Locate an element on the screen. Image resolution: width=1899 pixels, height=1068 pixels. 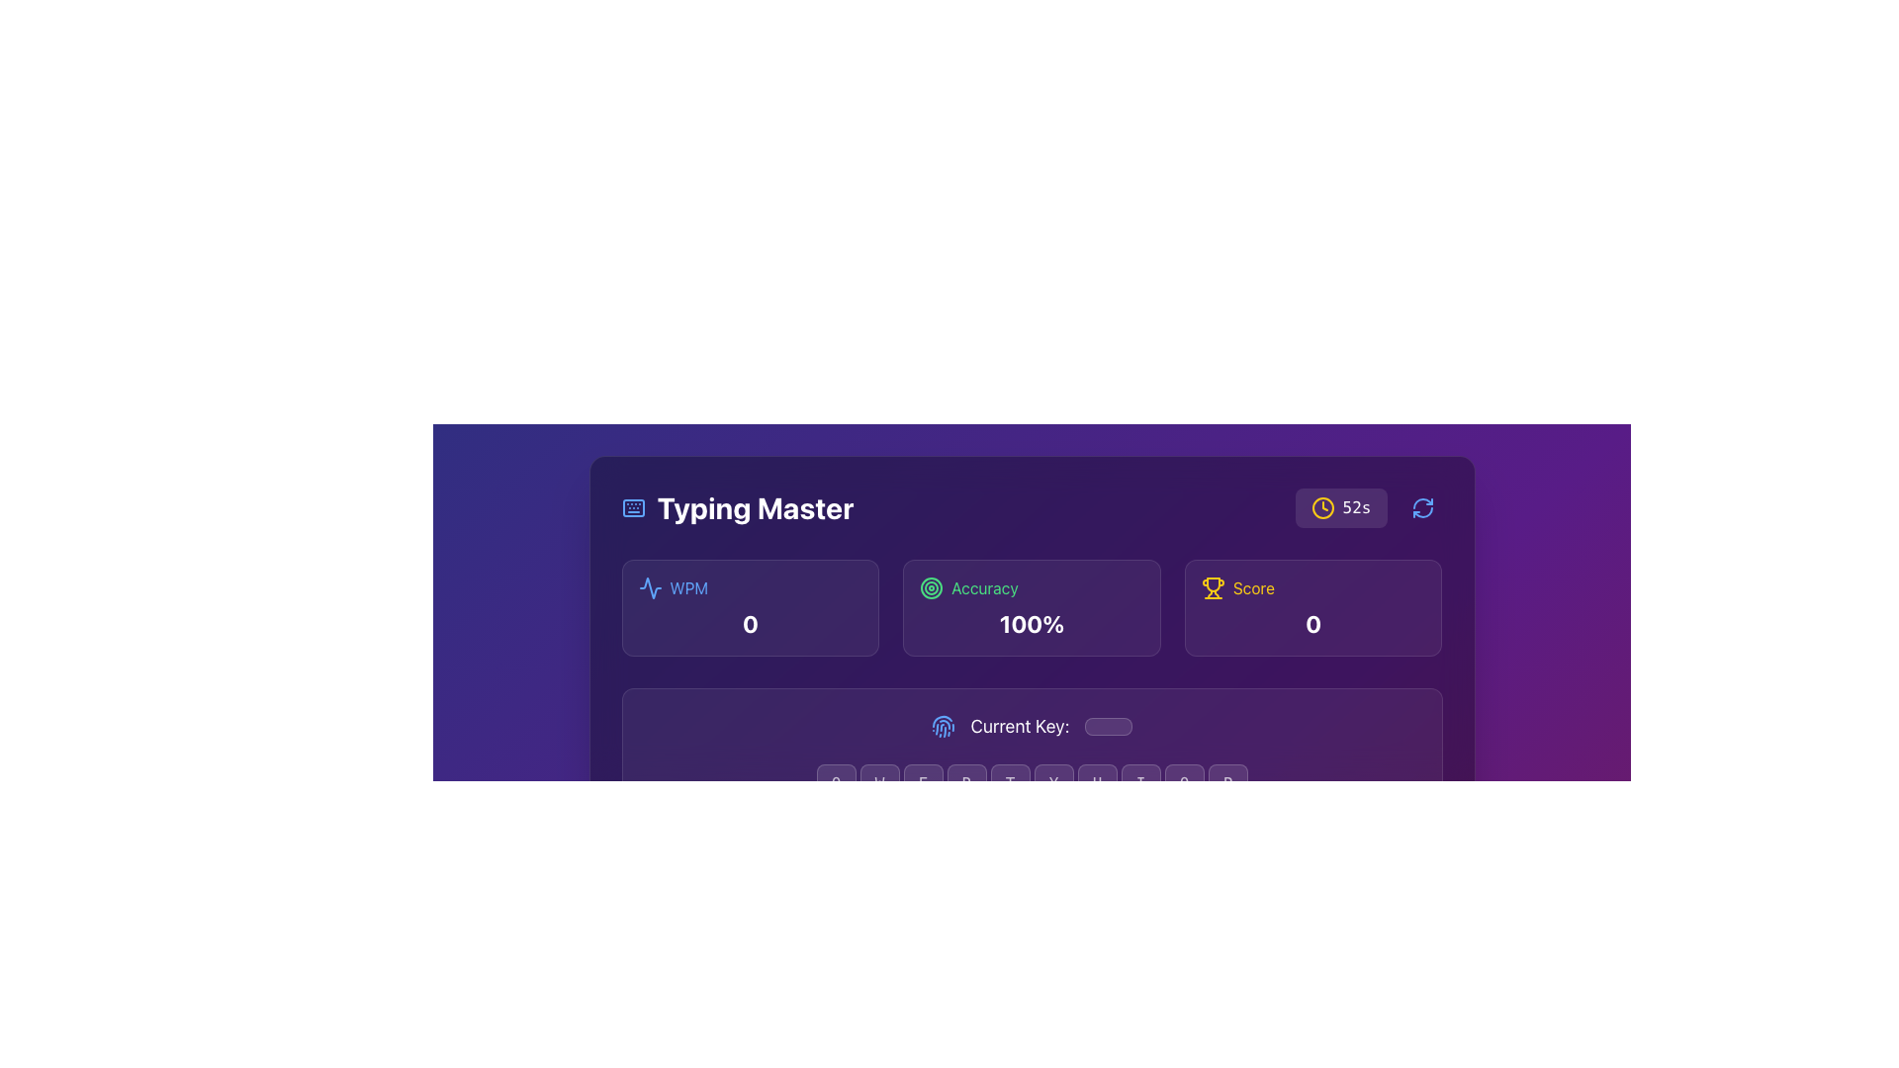
value displayed in the Text Label that shows the user's words-per-minute (WPM) typing speed, located under the blue 'WPM' label on the left side of the upper panel is located at coordinates (749, 624).